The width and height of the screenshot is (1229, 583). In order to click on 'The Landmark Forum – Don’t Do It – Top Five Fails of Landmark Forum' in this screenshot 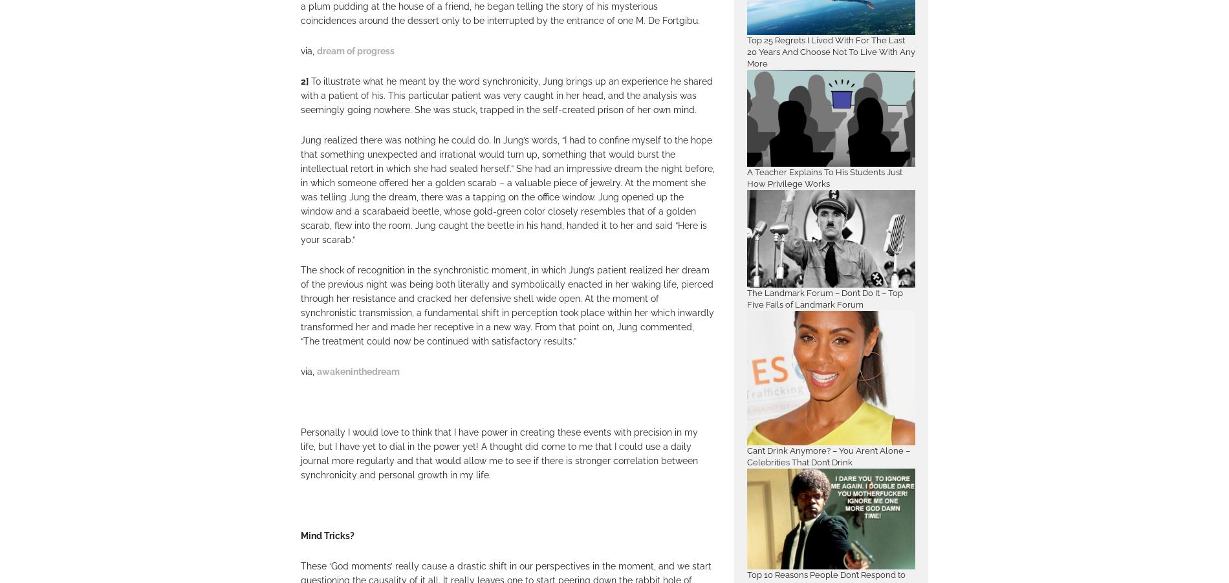, I will do `click(824, 297)`.